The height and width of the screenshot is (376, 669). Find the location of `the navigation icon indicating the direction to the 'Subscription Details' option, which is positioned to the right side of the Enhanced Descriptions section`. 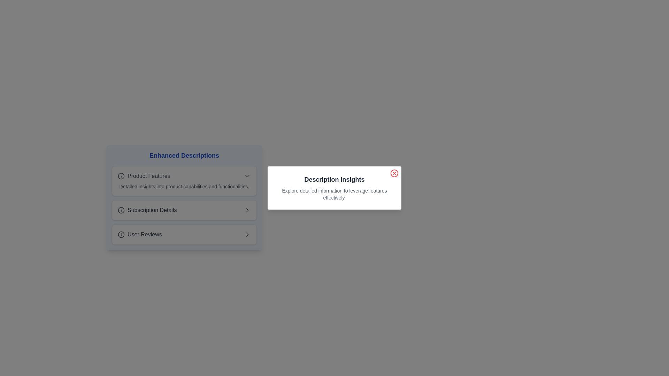

the navigation icon indicating the direction to the 'Subscription Details' option, which is positioned to the right side of the Enhanced Descriptions section is located at coordinates (247, 235).